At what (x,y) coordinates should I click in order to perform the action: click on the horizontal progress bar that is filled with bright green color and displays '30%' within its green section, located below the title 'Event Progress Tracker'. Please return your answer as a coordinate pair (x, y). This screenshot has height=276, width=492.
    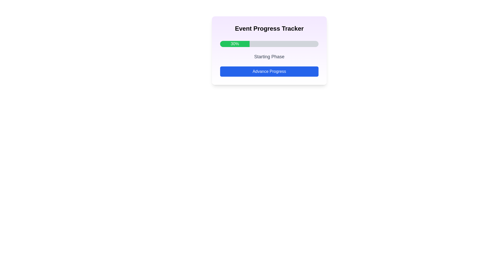
    Looking at the image, I should click on (269, 44).